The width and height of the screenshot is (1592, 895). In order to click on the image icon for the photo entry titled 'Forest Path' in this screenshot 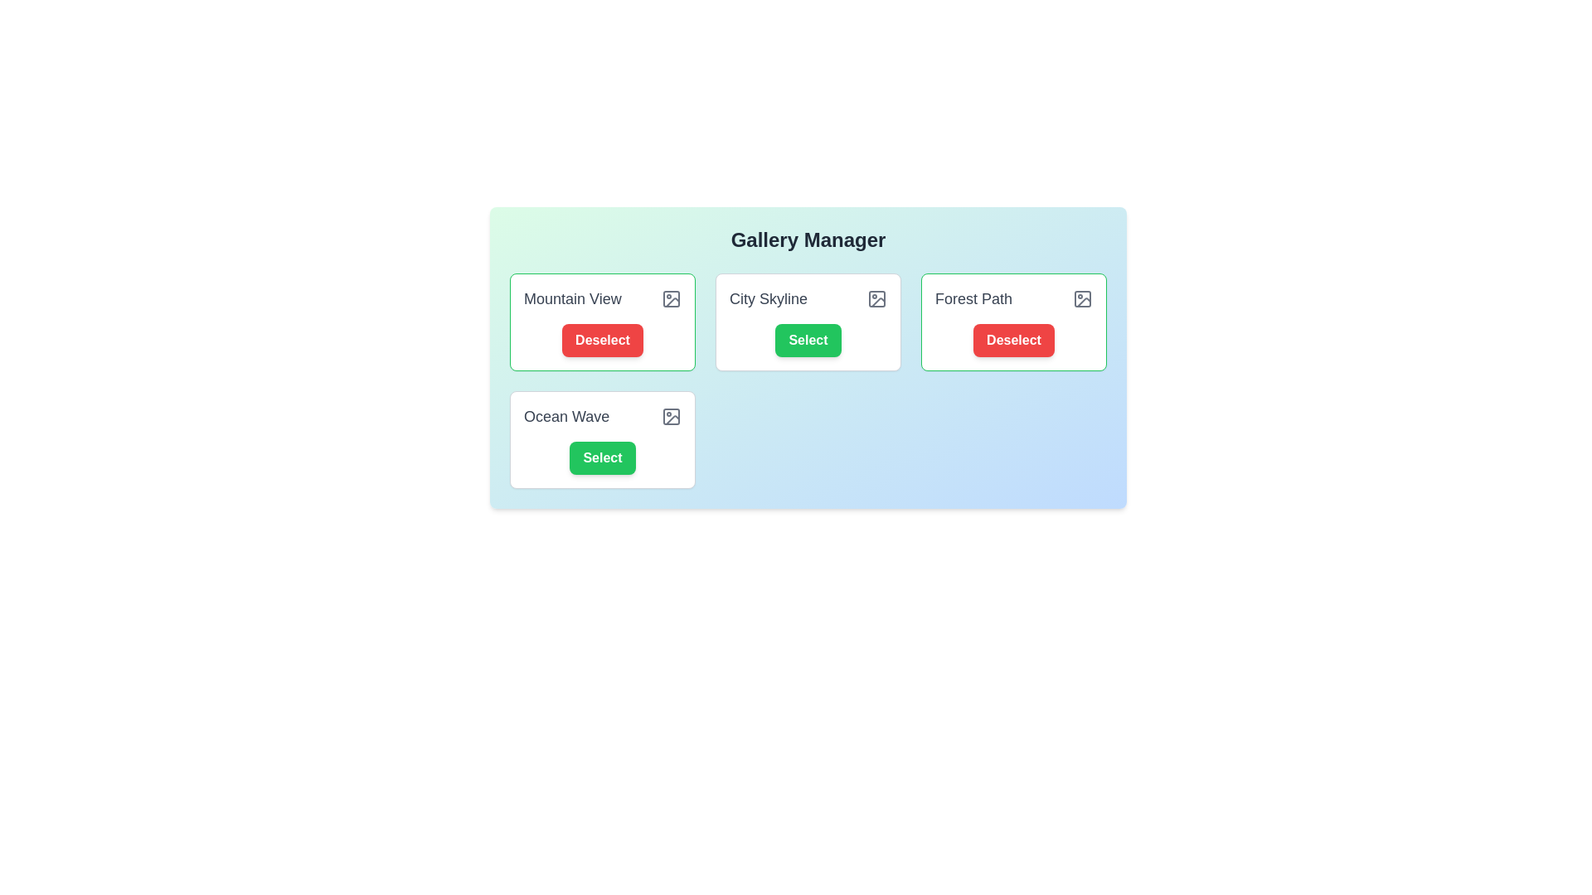, I will do `click(1082, 299)`.